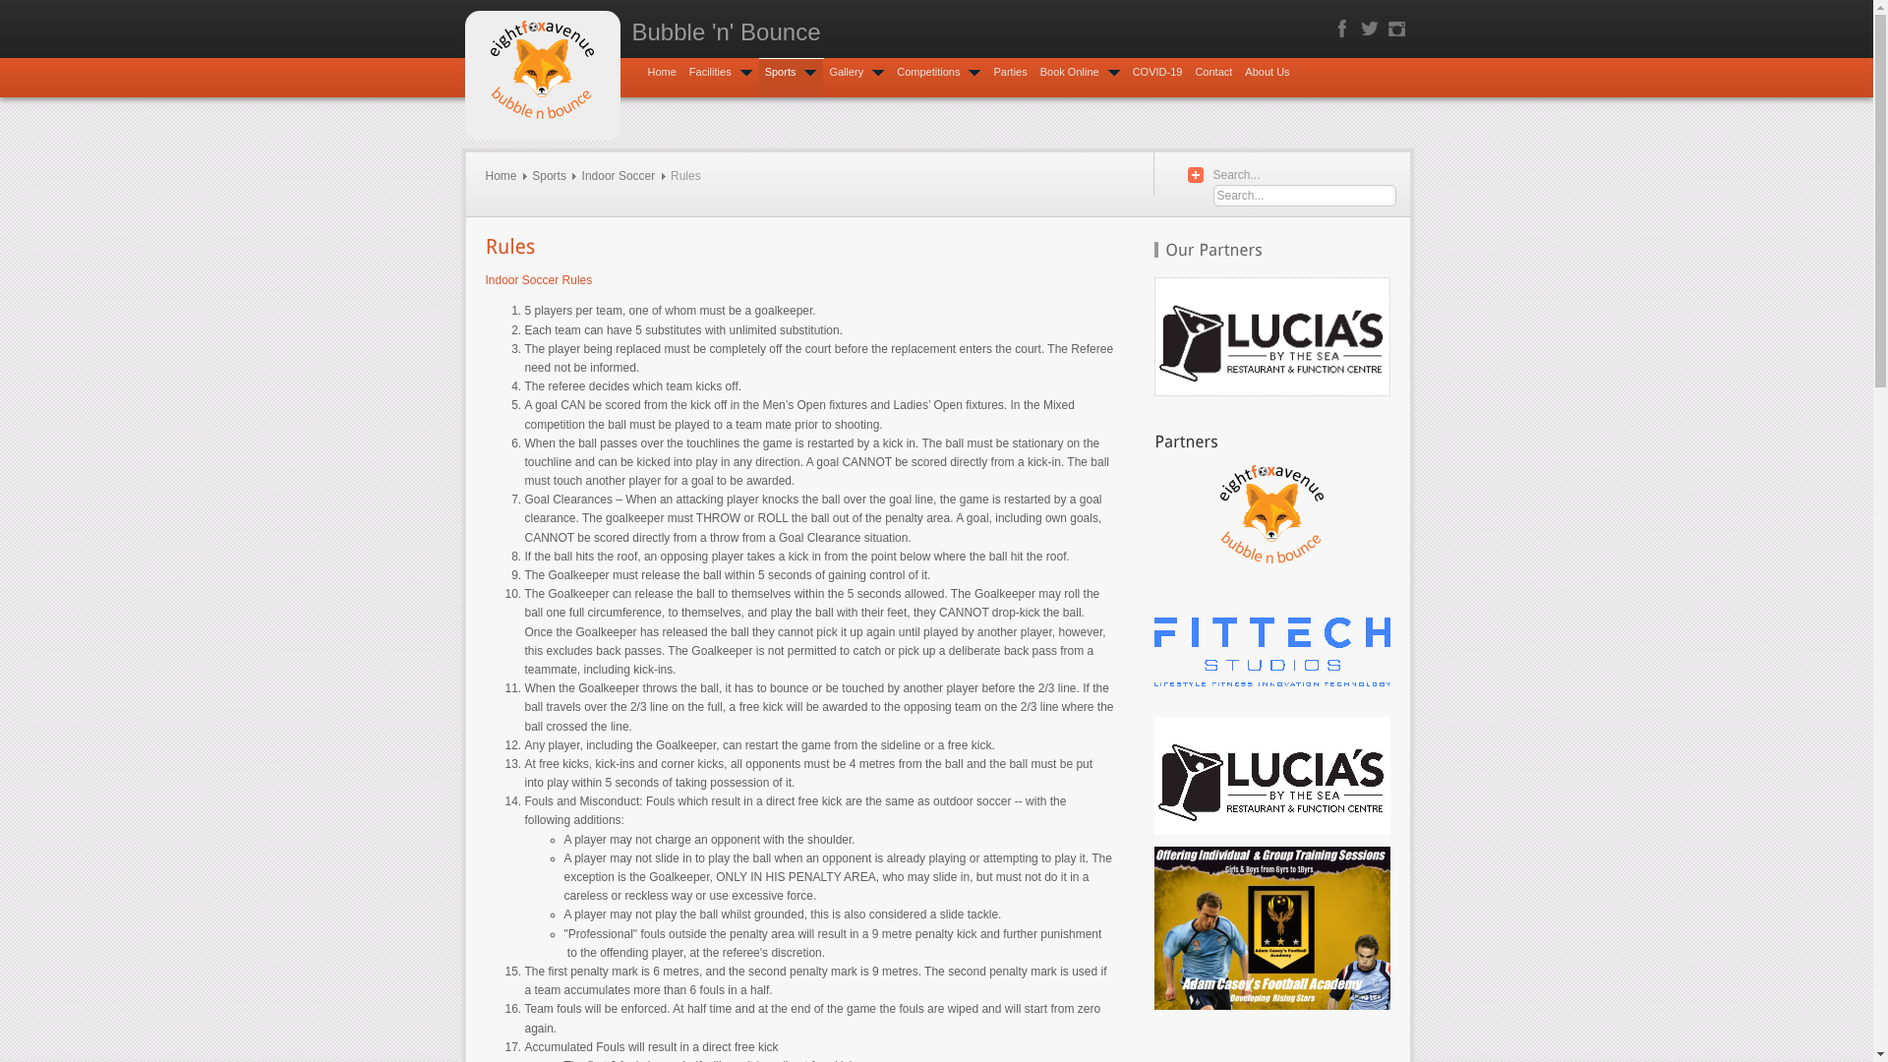  What do you see at coordinates (829, 78) in the screenshot?
I see `'Gallery'` at bounding box center [829, 78].